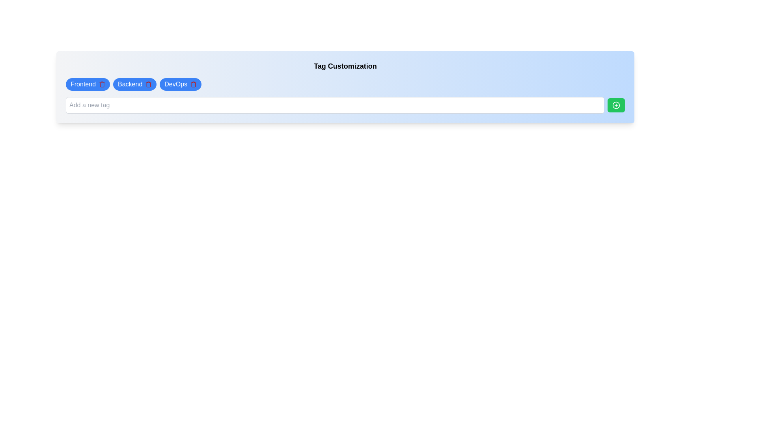 The image size is (757, 426). I want to click on the 'DevOps' tagged button with a blue background and a delete icon, so click(180, 84).